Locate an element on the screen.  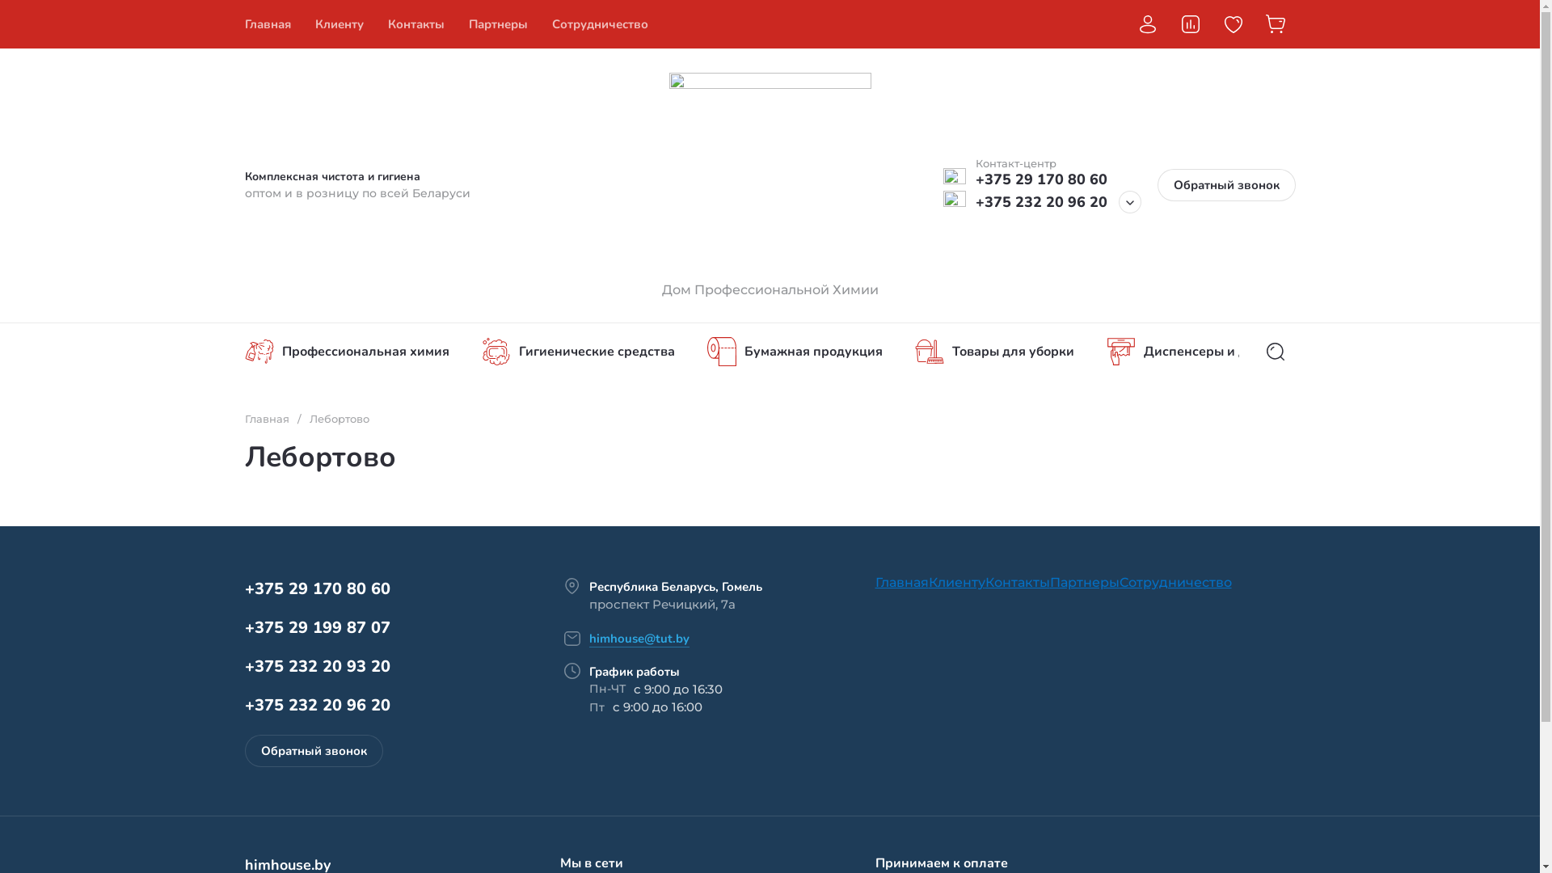
'+375 232 20 93 20' is located at coordinates (317, 666).